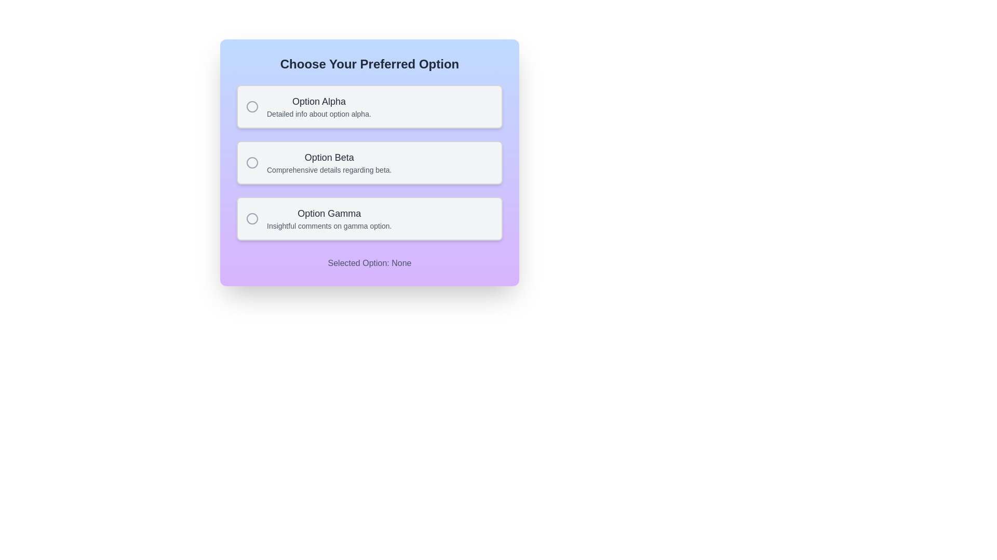 The image size is (997, 560). I want to click on the first radio option titled 'Option Alpha' with an extended description, so click(369, 106).